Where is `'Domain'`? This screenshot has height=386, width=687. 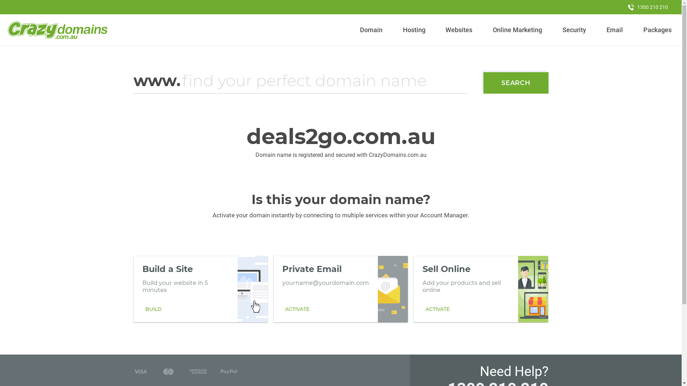
'Domain' is located at coordinates (371, 30).